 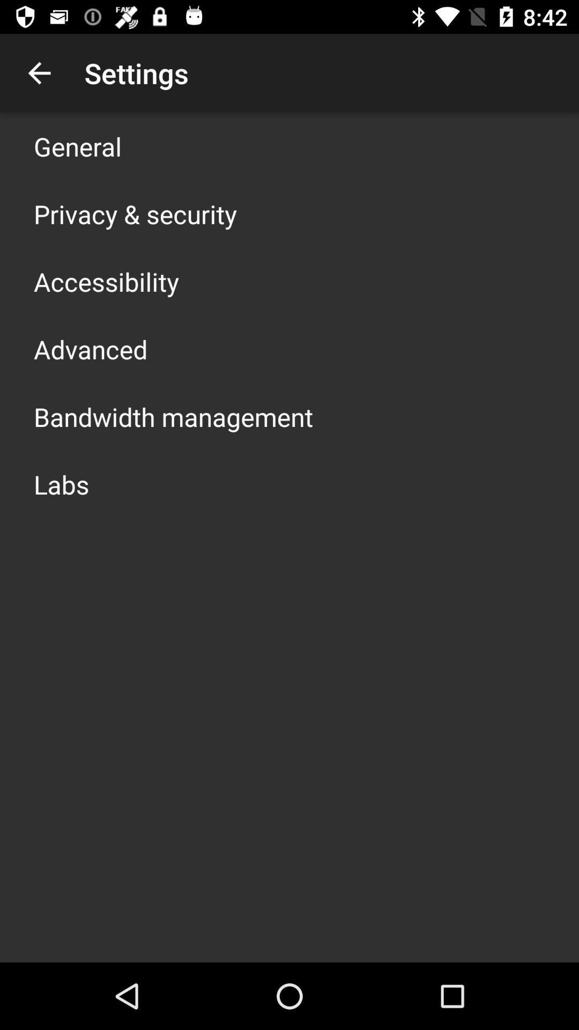 What do you see at coordinates (135, 214) in the screenshot?
I see `the privacy & security item` at bounding box center [135, 214].